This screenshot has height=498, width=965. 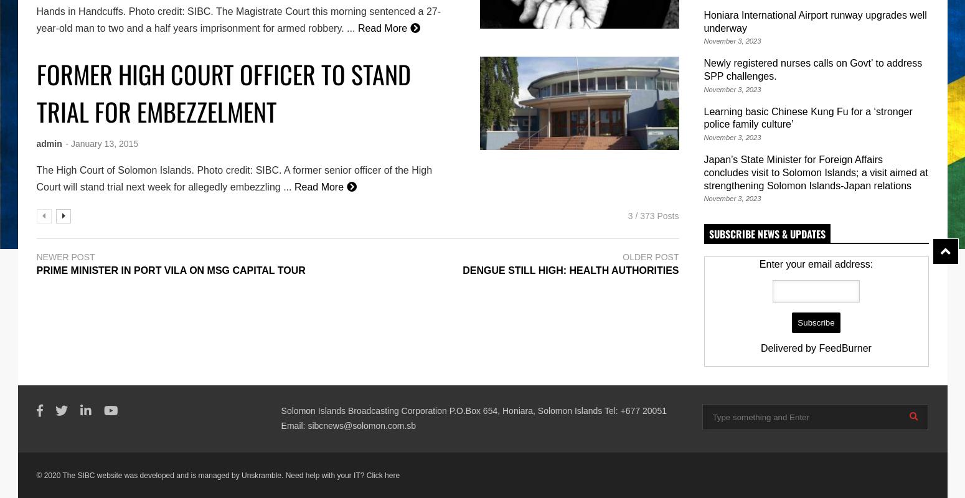 What do you see at coordinates (815, 264) in the screenshot?
I see `'Enter your email address:'` at bounding box center [815, 264].